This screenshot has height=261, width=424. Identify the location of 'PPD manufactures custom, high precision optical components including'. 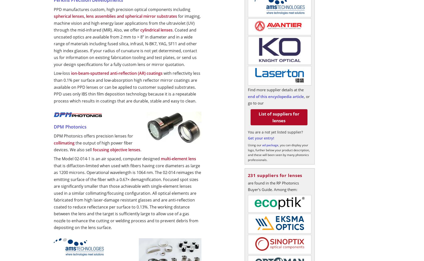
(122, 9).